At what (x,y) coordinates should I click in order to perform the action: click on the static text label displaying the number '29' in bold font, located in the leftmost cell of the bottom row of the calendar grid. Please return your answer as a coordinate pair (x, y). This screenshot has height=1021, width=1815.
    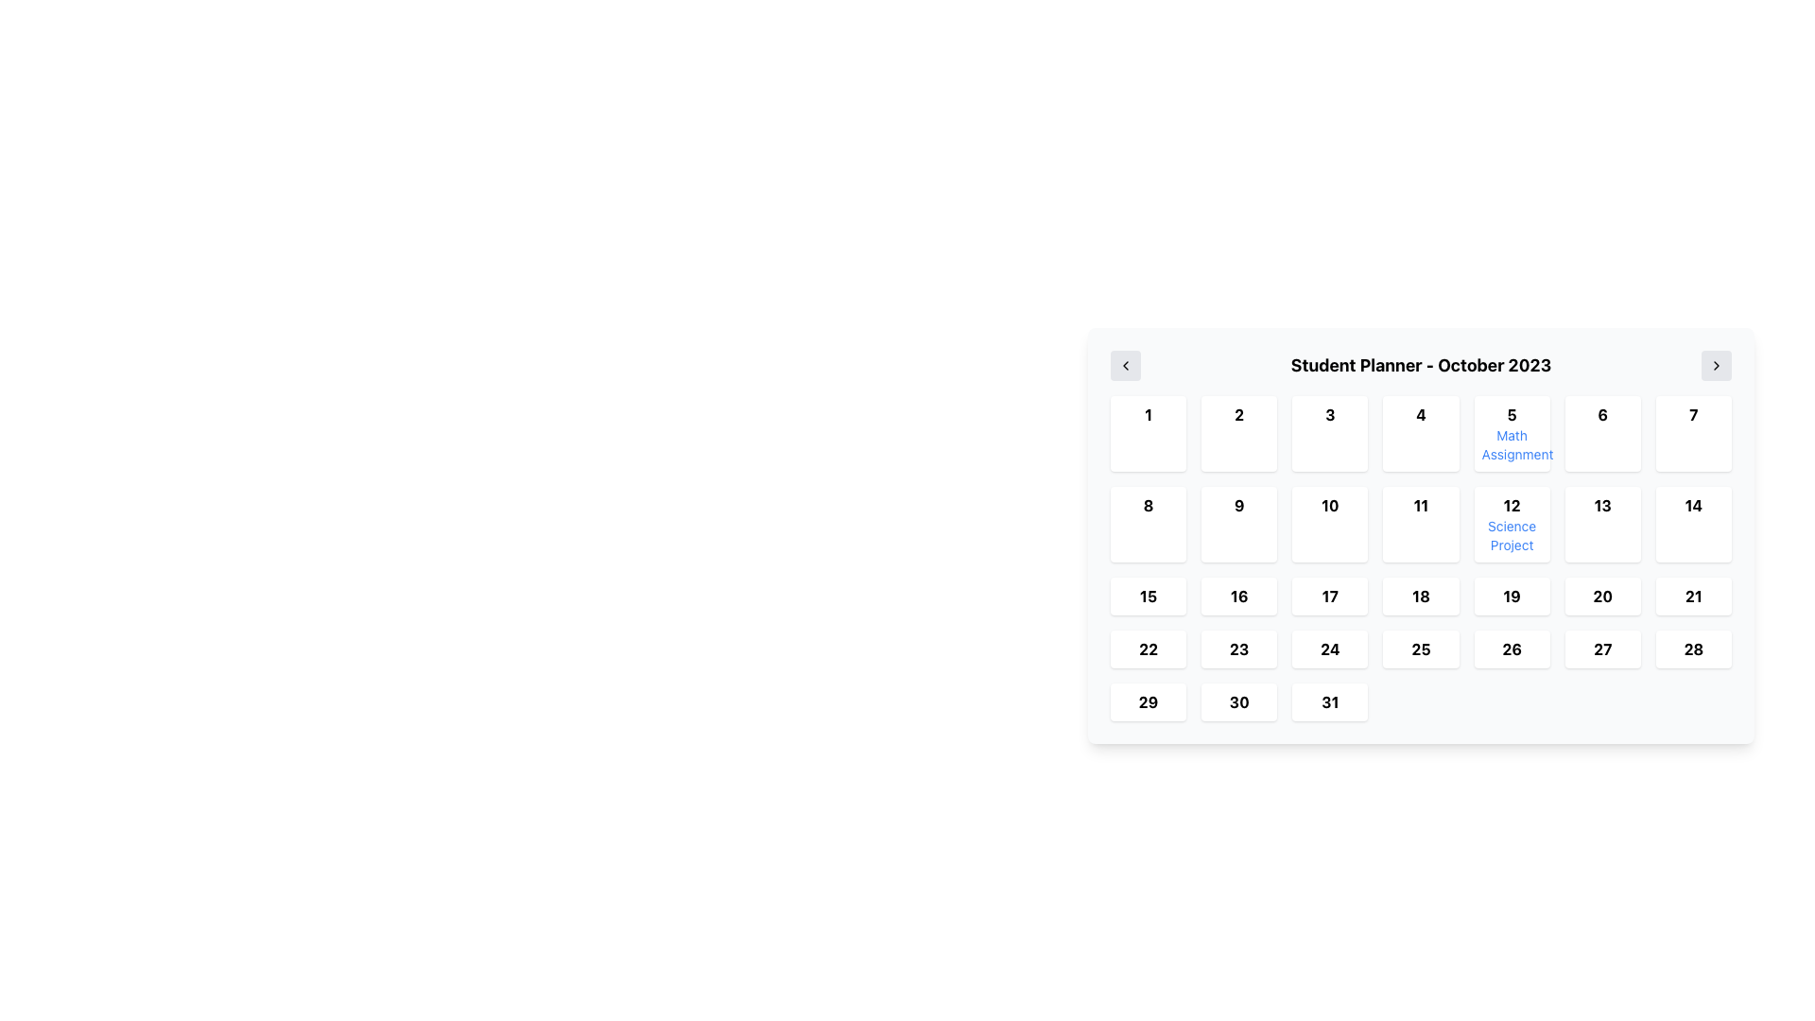
    Looking at the image, I should click on (1147, 702).